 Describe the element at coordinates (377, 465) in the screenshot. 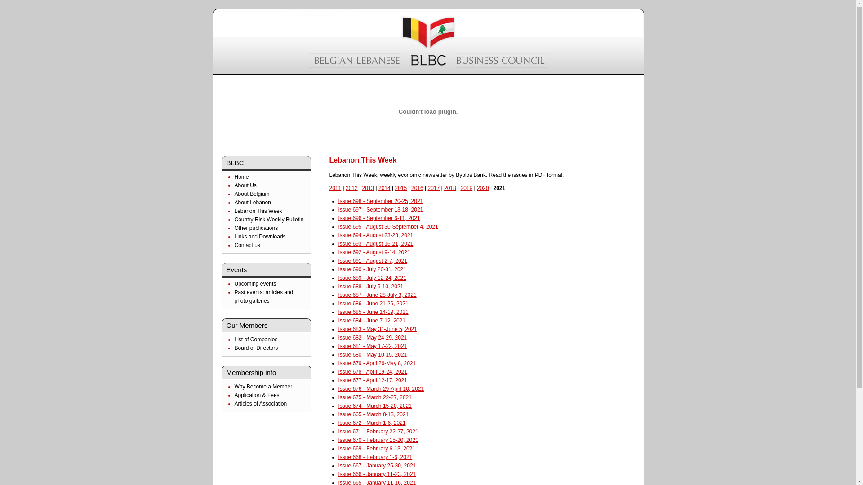

I see `'Issue 667 - January 25-30, 2021'` at that location.